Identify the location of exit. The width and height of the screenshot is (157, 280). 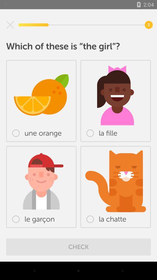
(10, 25).